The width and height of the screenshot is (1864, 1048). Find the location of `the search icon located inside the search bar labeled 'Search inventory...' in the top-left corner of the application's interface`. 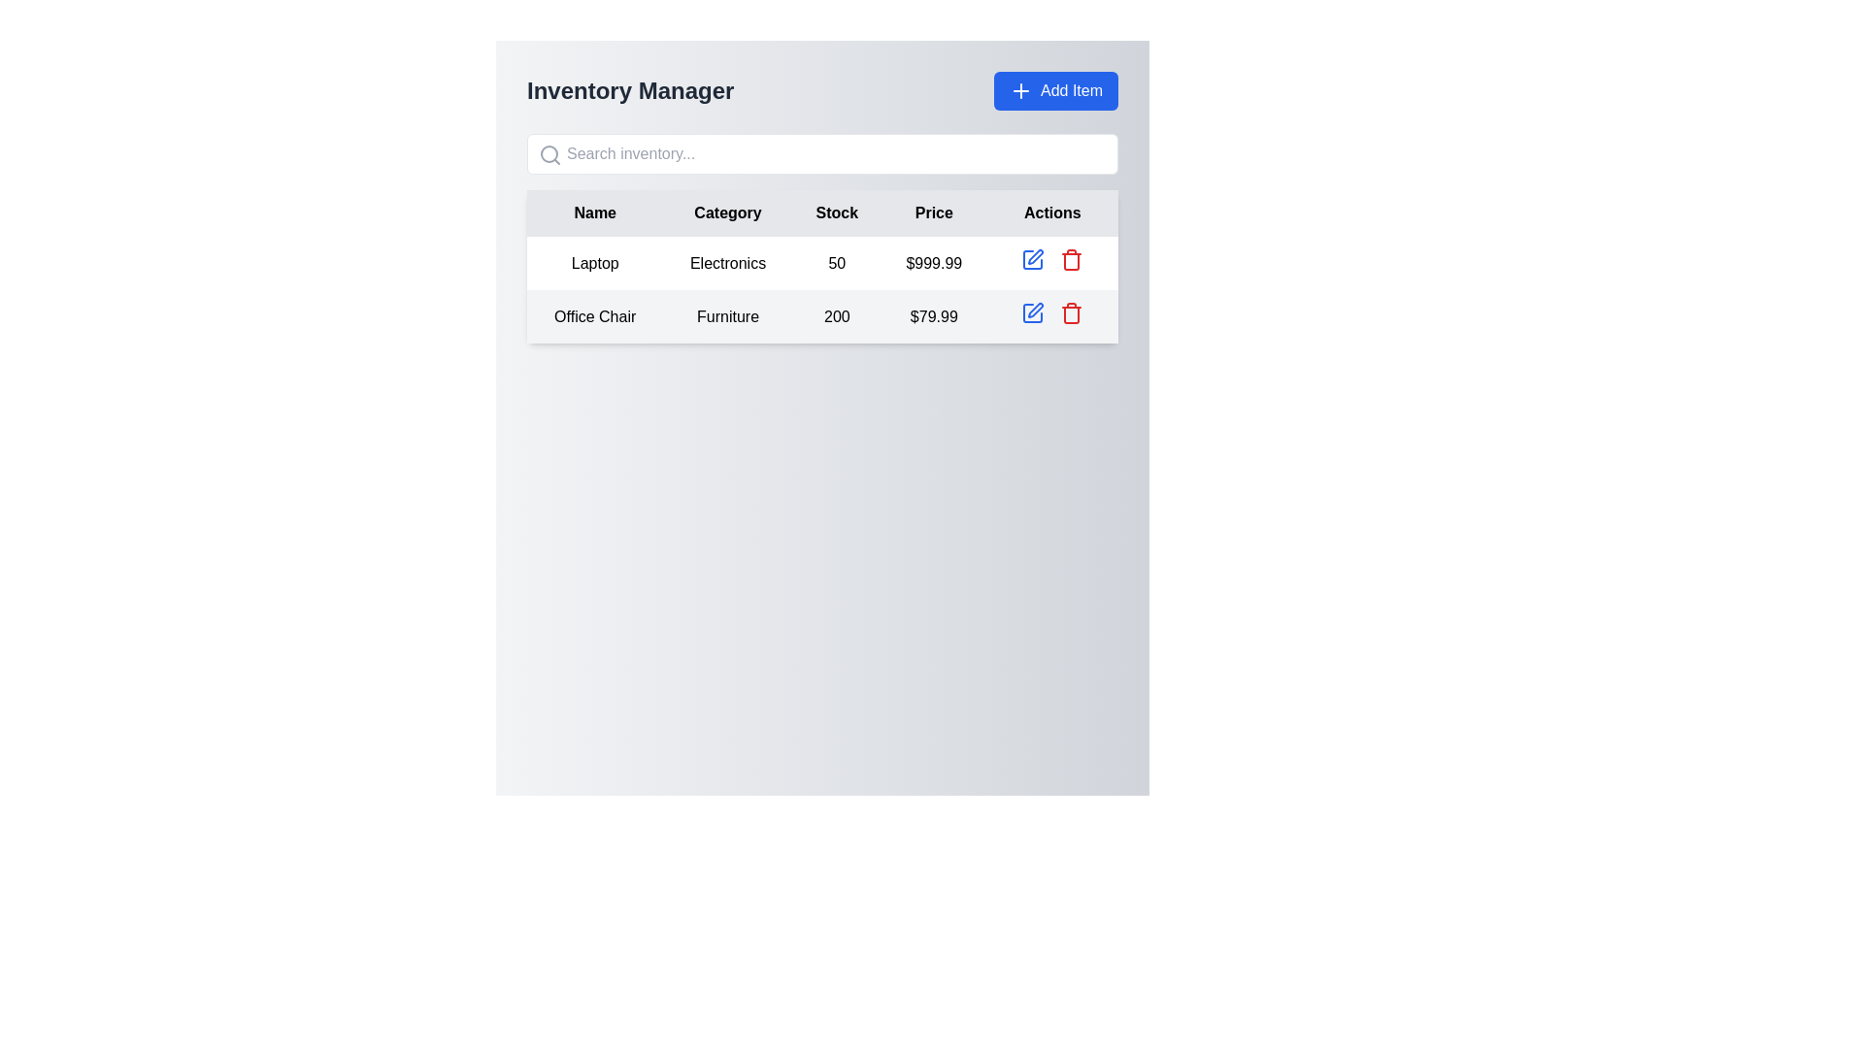

the search icon located inside the search bar labeled 'Search inventory...' in the top-left corner of the application's interface is located at coordinates (549, 153).